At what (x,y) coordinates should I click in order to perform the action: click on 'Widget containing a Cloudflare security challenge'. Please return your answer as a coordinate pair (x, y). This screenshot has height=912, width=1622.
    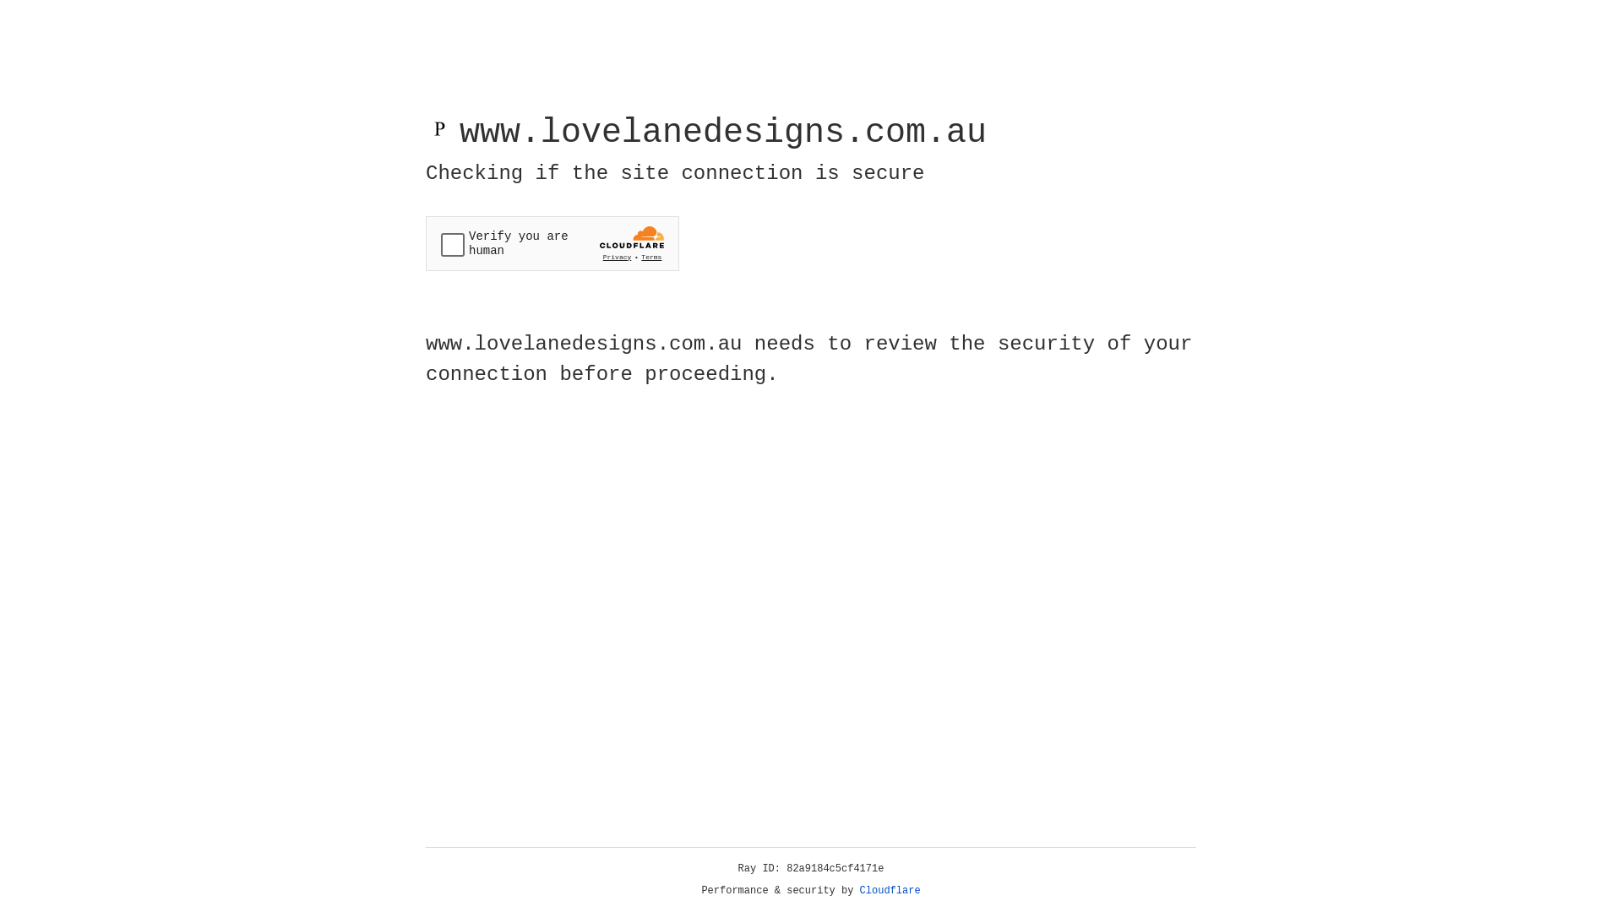
    Looking at the image, I should click on (552, 243).